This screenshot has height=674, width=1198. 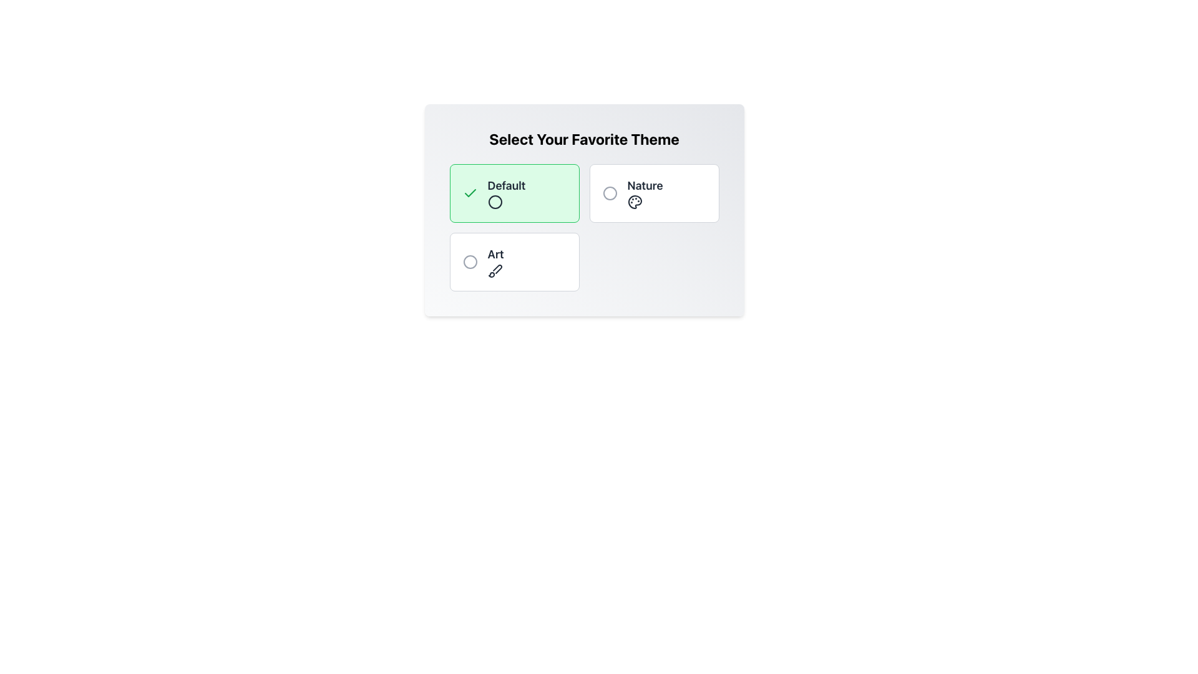 What do you see at coordinates (635, 202) in the screenshot?
I see `the 'Nature' theme option icon, which is centrally positioned under the 'Nature' text label in the theme selection options` at bounding box center [635, 202].